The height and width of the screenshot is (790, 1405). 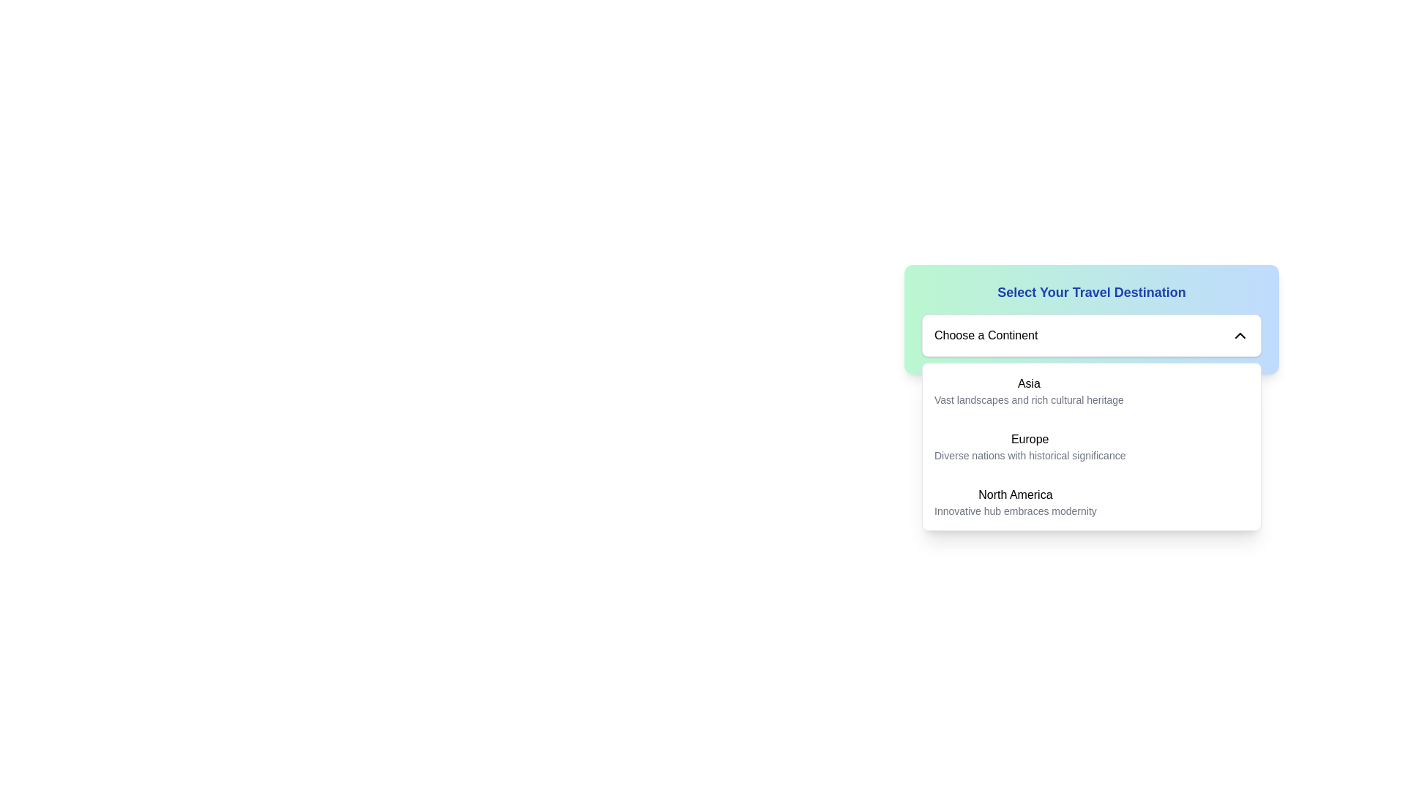 I want to click on the Dropdown arrow icon located at the rightmost side of the 'Choose a Continent' header, so click(x=1239, y=336).